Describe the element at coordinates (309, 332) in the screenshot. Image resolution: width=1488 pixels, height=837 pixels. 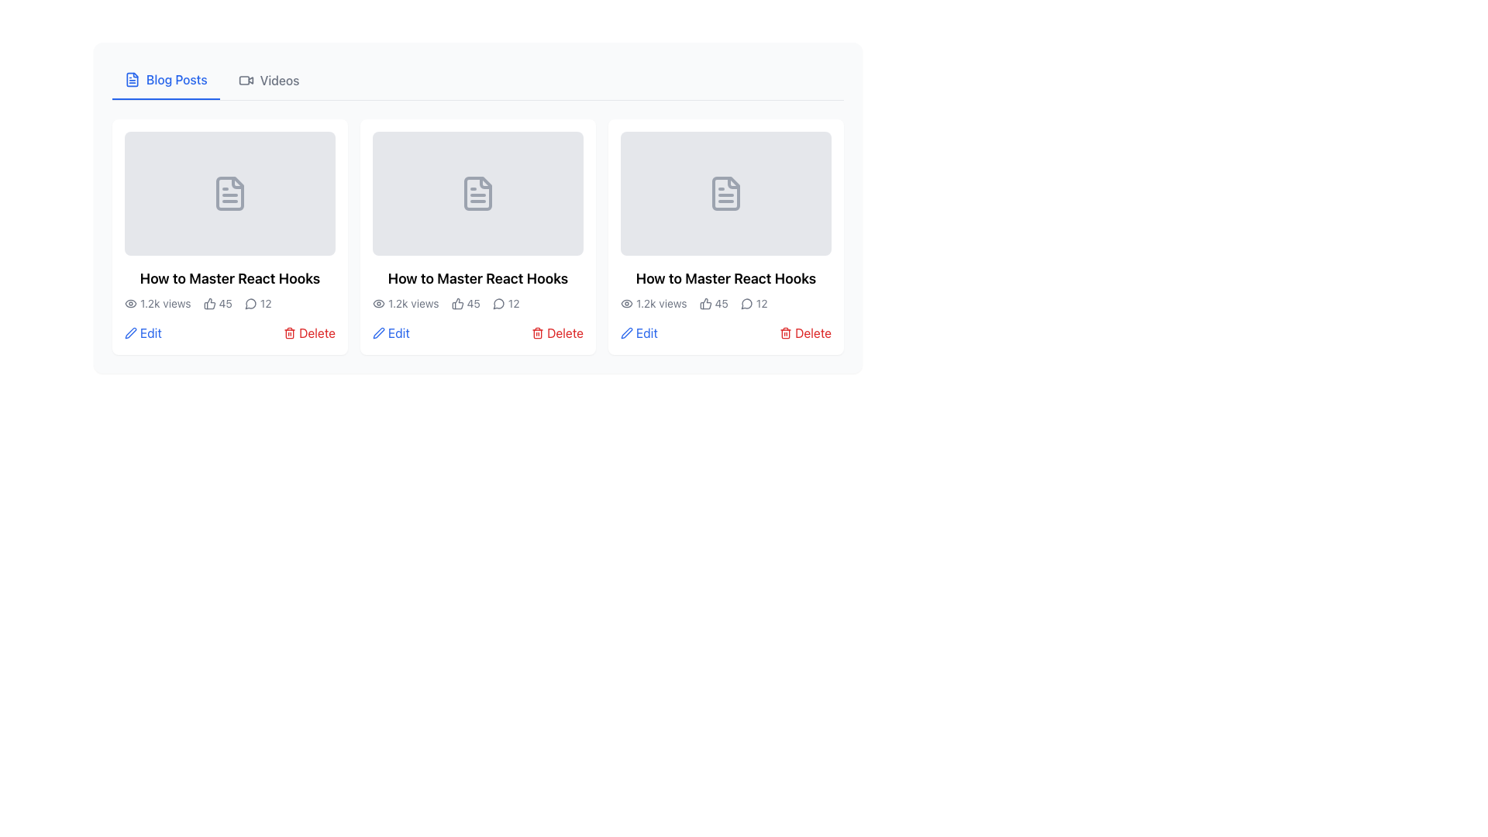
I see `the delete button located in the lower-right section of the card for the blog post titled 'How to Master React Hooks'` at that location.